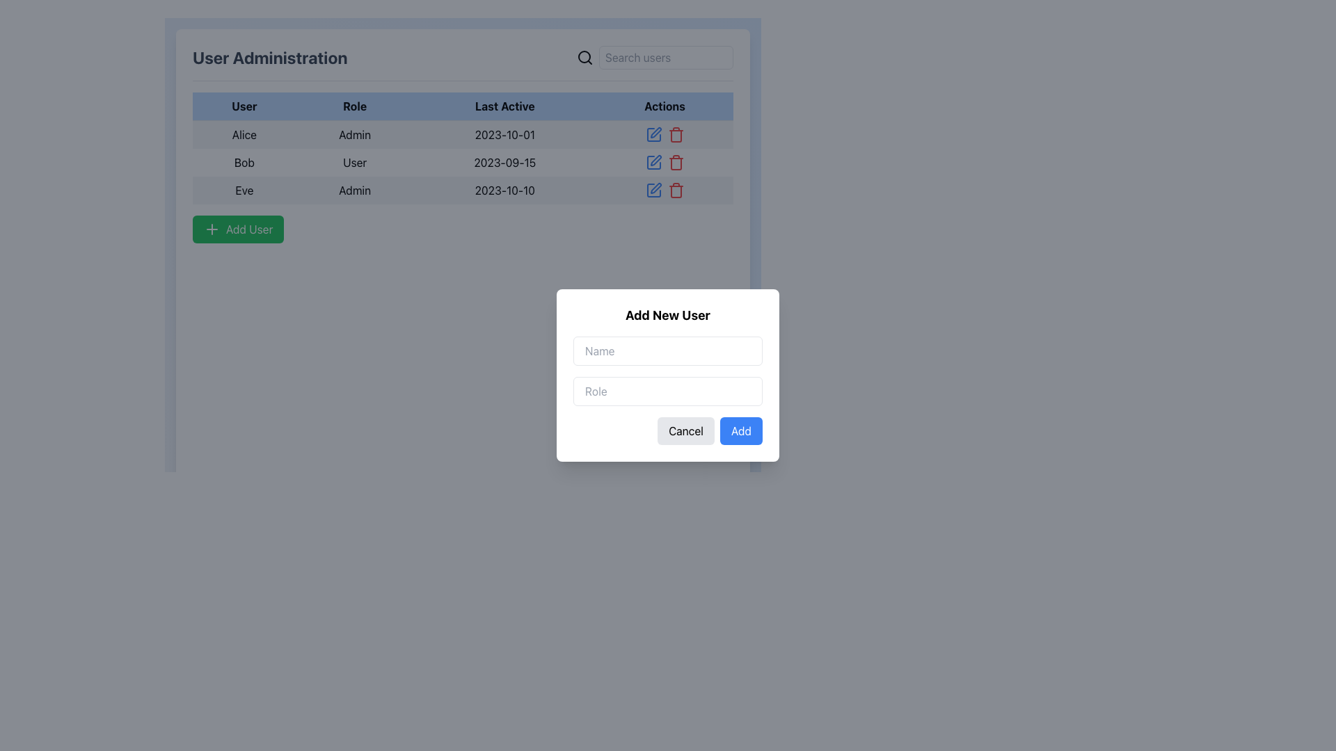 This screenshot has height=751, width=1336. I want to click on the small pen icon button in the Actions column for the user 'Alice' to initiate editing, so click(654, 133).